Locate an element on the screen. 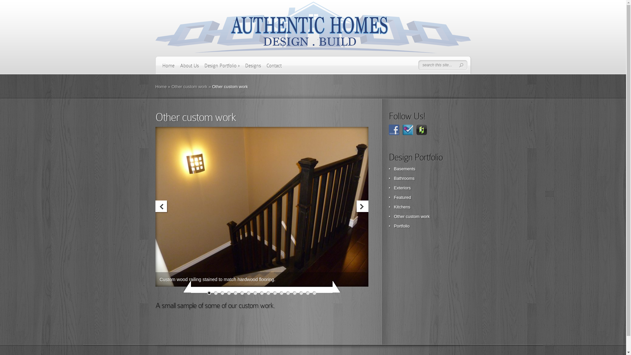  'Bathrooms' is located at coordinates (404, 178).